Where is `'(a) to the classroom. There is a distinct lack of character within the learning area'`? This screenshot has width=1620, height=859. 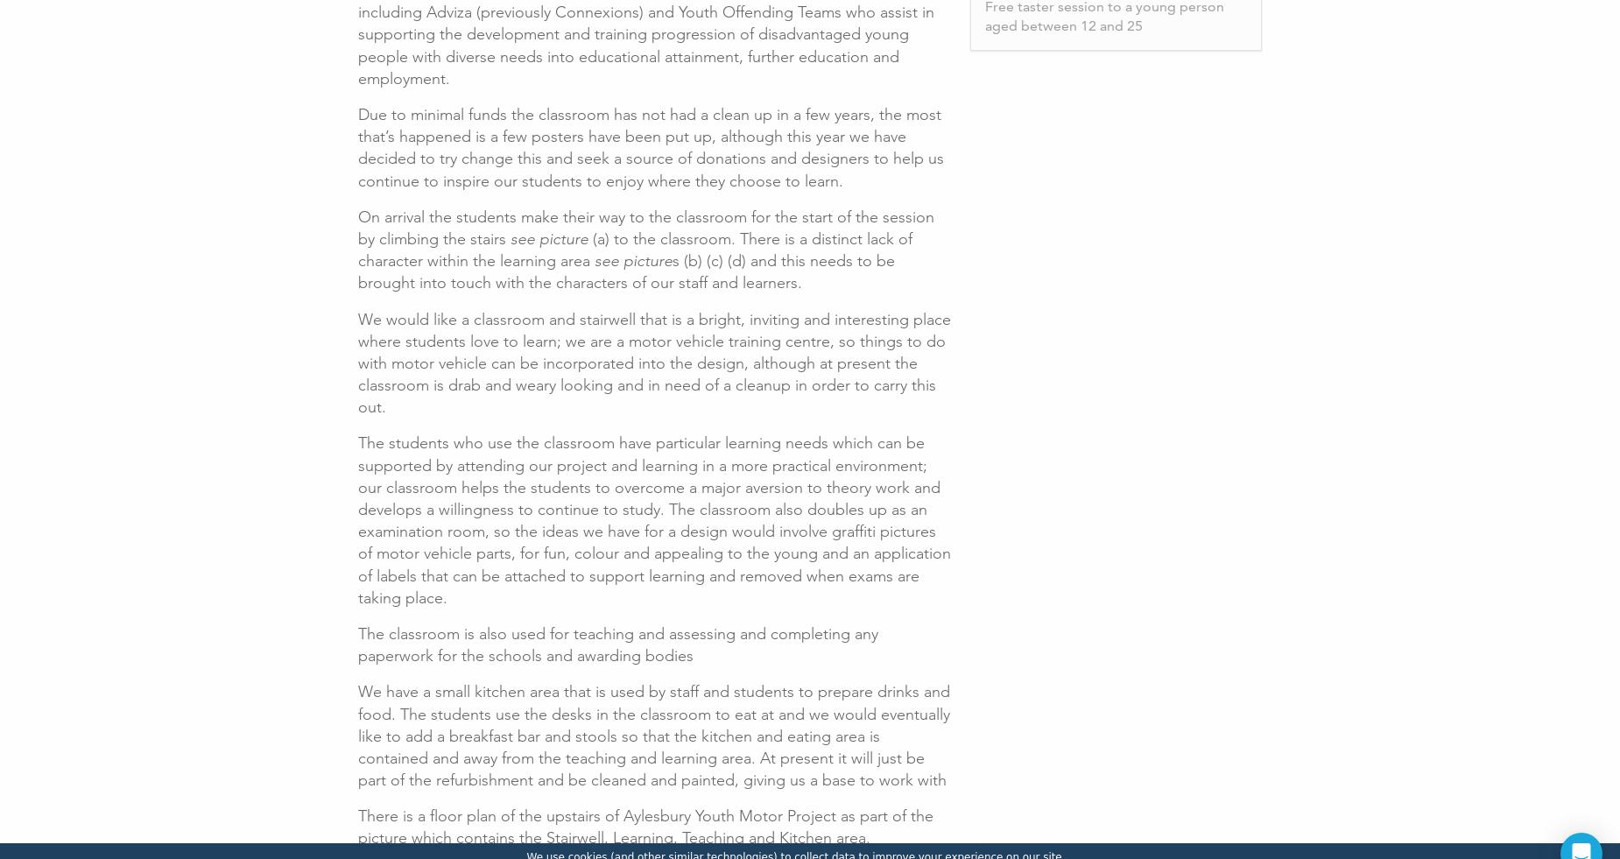 '(a) to the classroom. There is a distinct lack of character within the learning area' is located at coordinates (635, 248).